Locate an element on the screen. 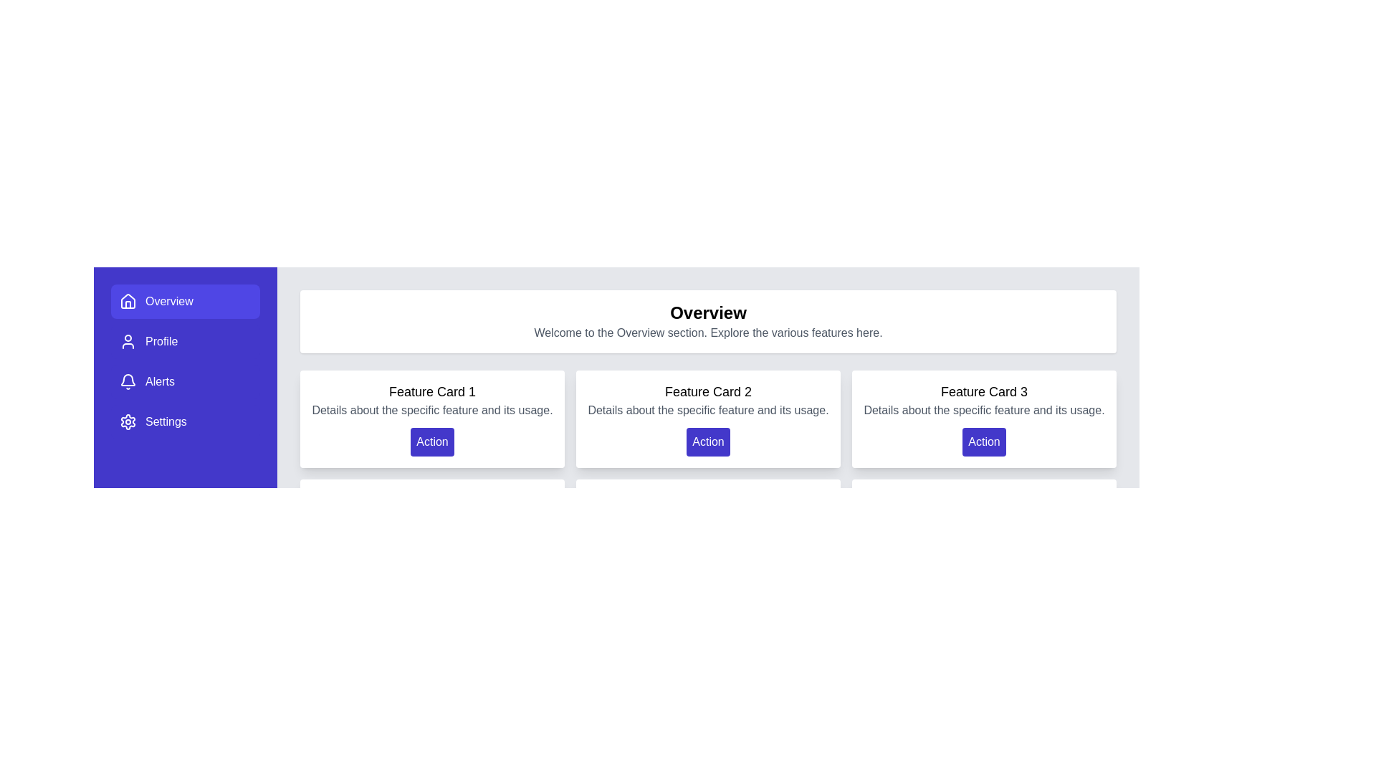 This screenshot has width=1376, height=774. section title text located in the 'Overview' section, positioned directly above the description text that reads 'Welcome to the Overview section...' is located at coordinates (708, 312).